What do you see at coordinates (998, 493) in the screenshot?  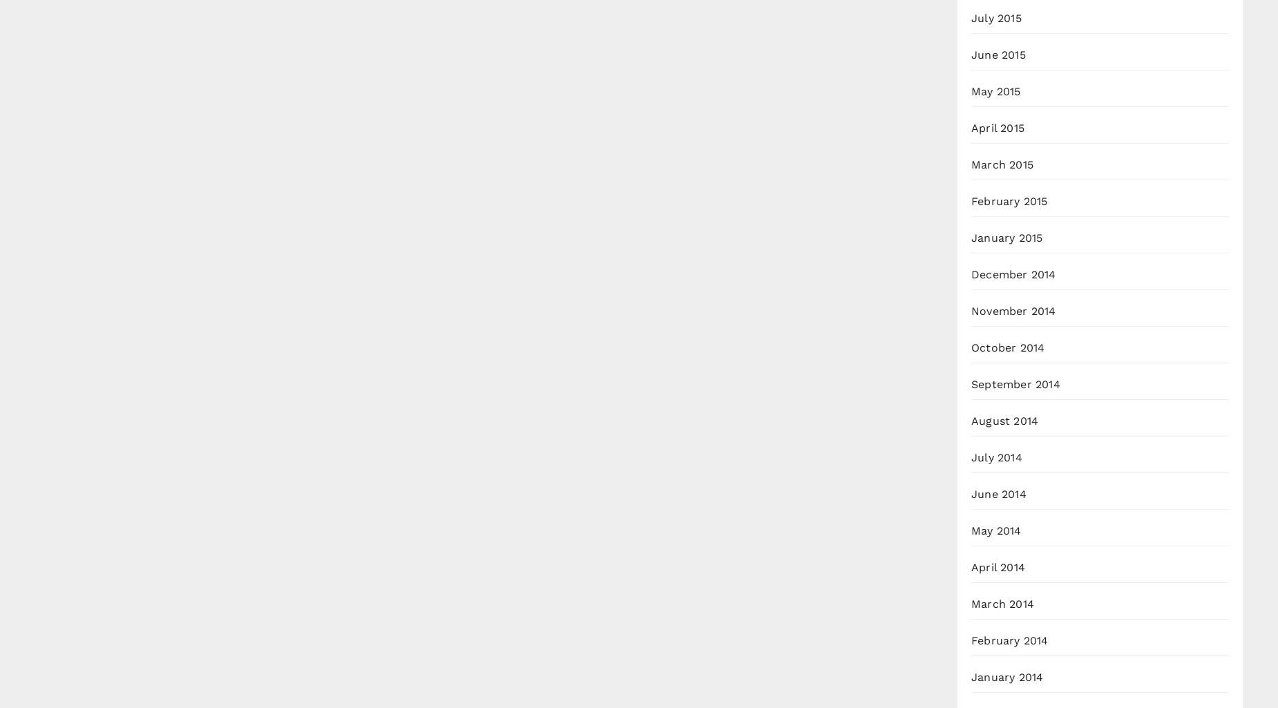 I see `'June 2014'` at bounding box center [998, 493].